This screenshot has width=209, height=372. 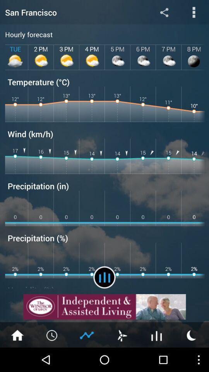 I want to click on see barren lands, so click(x=157, y=334).